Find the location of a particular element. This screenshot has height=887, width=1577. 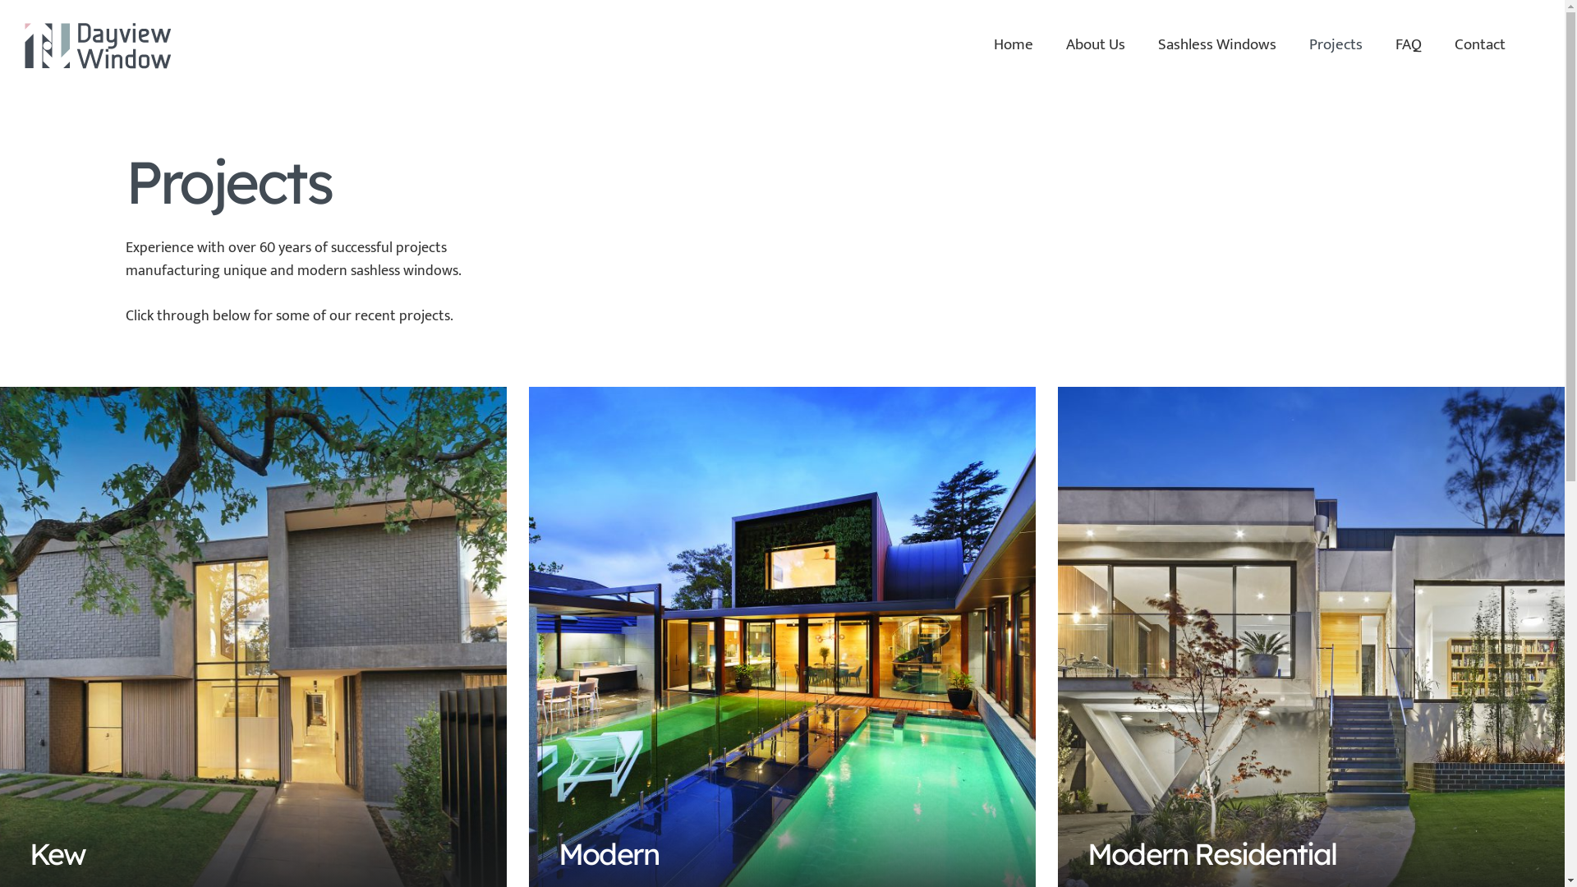

'FAQ' is located at coordinates (1407, 44).